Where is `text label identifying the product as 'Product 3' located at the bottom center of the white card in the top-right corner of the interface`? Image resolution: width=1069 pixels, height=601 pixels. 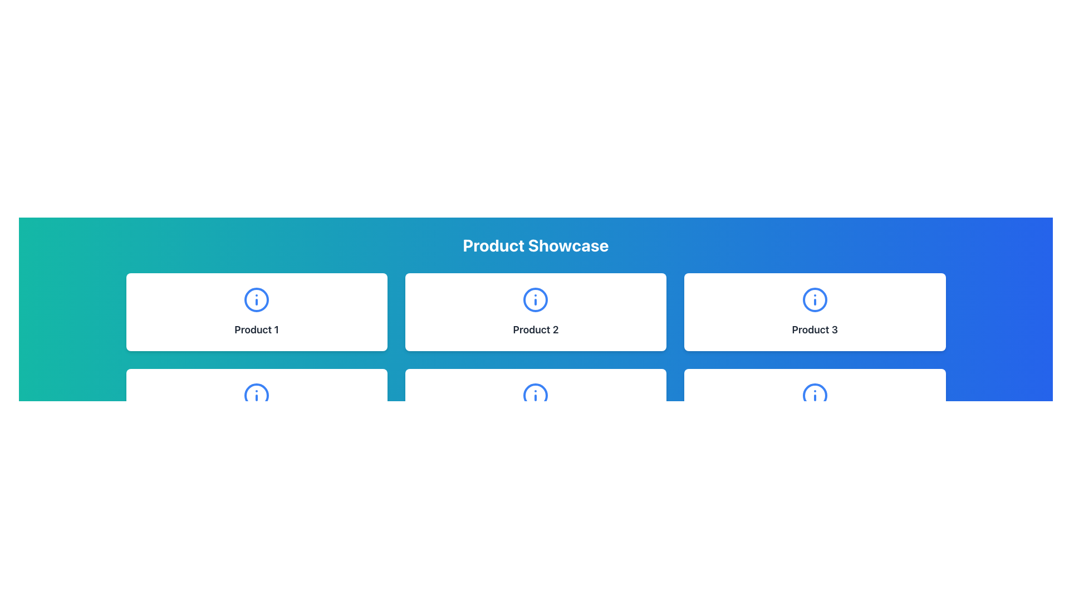 text label identifying the product as 'Product 3' located at the bottom center of the white card in the top-right corner of the interface is located at coordinates (815, 329).